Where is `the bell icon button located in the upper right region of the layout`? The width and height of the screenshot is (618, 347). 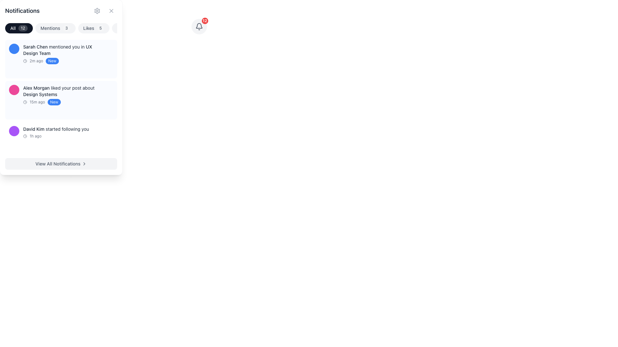 the bell icon button located in the upper right region of the layout is located at coordinates (199, 26).